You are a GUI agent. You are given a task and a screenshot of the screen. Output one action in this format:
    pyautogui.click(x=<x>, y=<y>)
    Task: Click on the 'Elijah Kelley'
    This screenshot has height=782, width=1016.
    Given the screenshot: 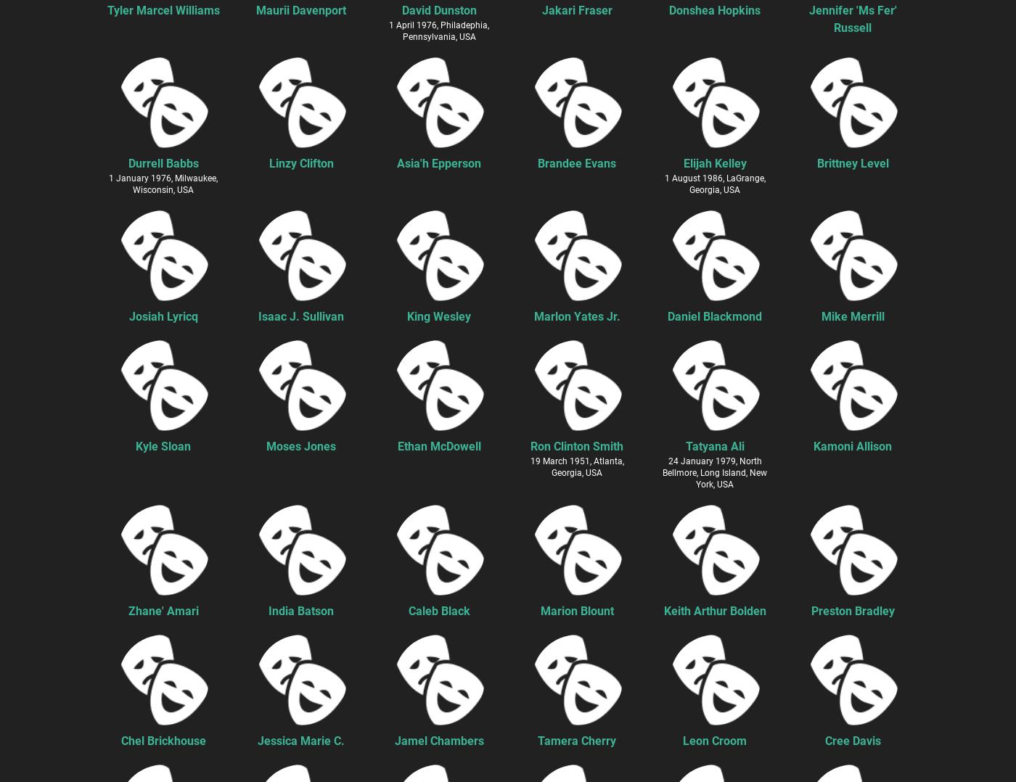 What is the action you would take?
    pyautogui.click(x=714, y=162)
    